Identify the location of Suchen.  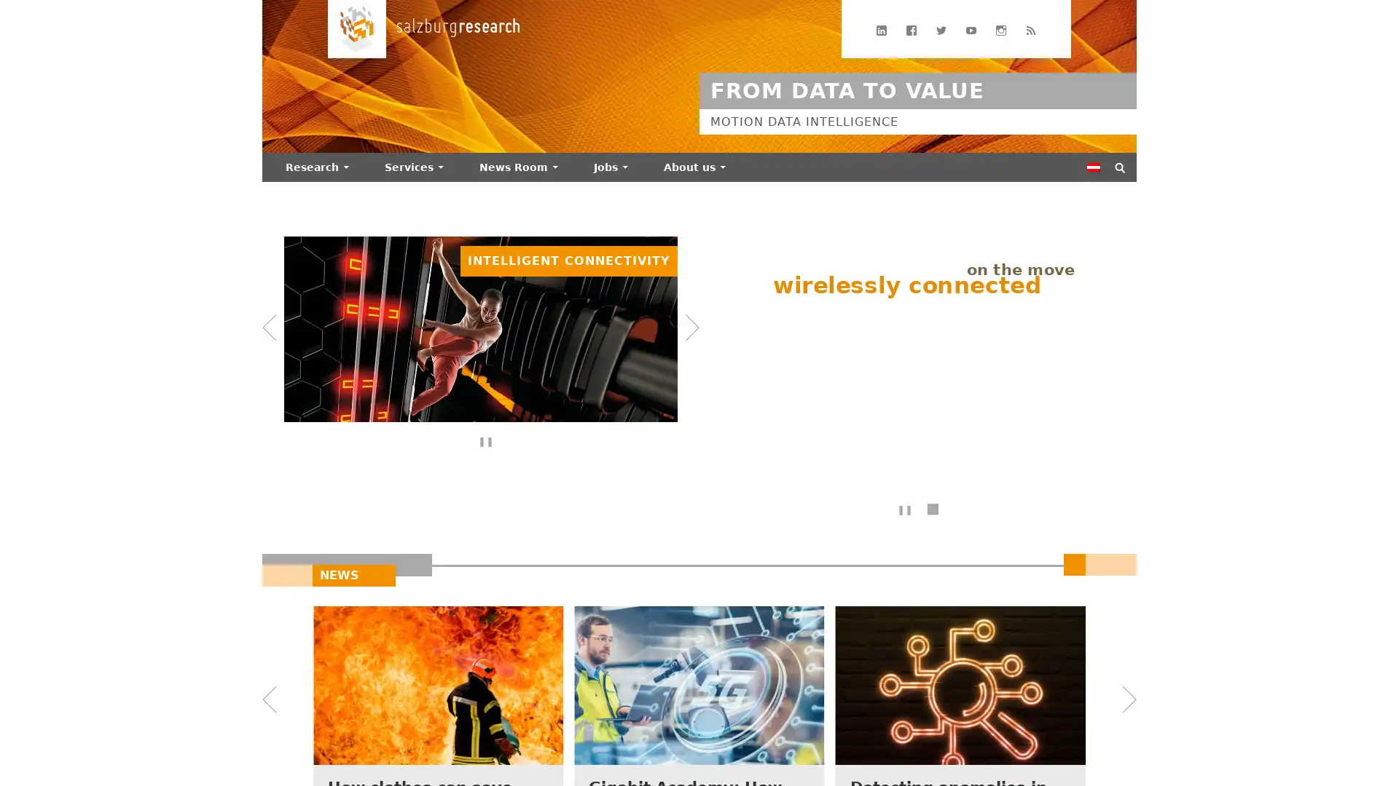
(1181, 165).